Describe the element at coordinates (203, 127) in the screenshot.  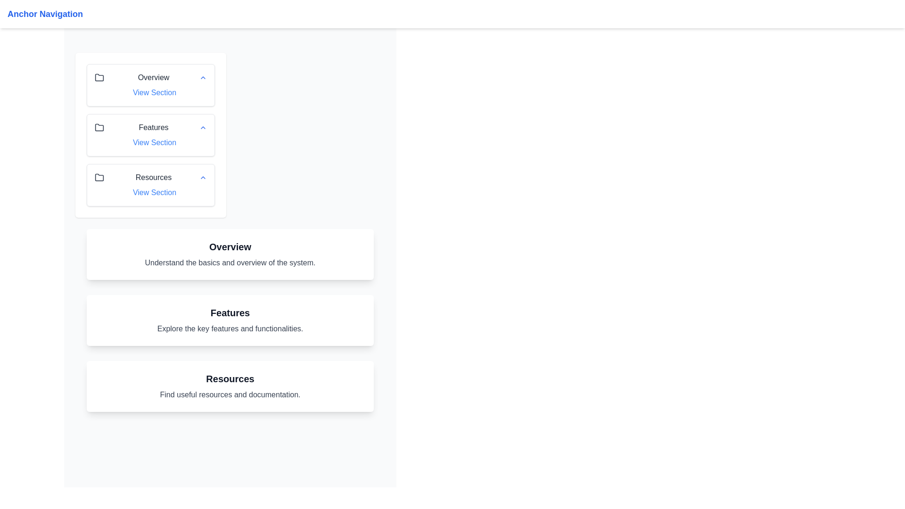
I see `the chevron icon pointing upwards that indicates the expandable or collapsible state for the 'Features' section` at that location.